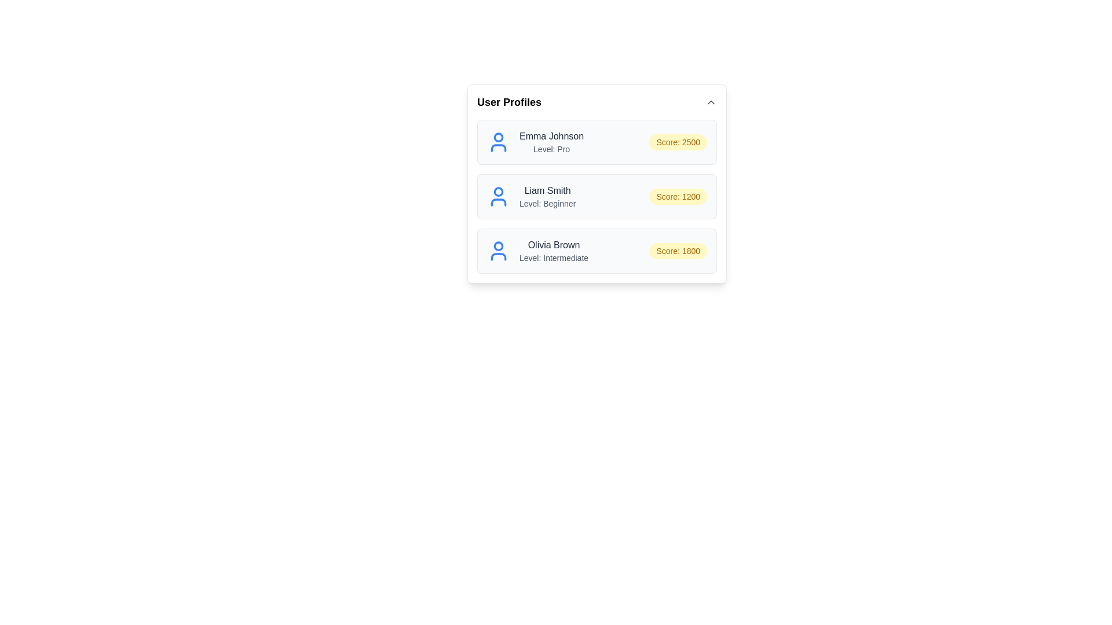 Image resolution: width=1112 pixels, height=625 pixels. I want to click on score displayed in the 'Score: 1200' label on the rounded rectangle within the card of 'Liam Smith' in the 'User Profiles' section, so click(678, 196).